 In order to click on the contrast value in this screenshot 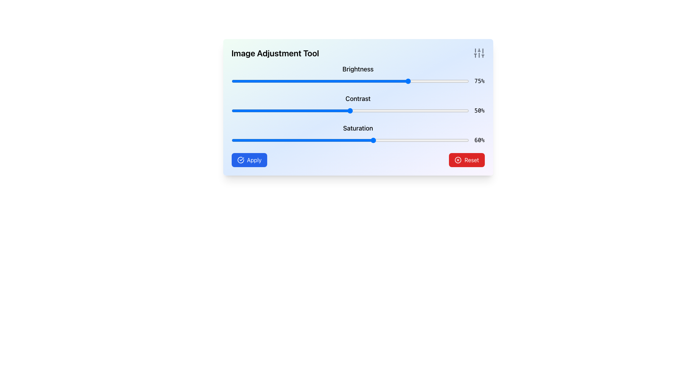, I will do `click(266, 111)`.